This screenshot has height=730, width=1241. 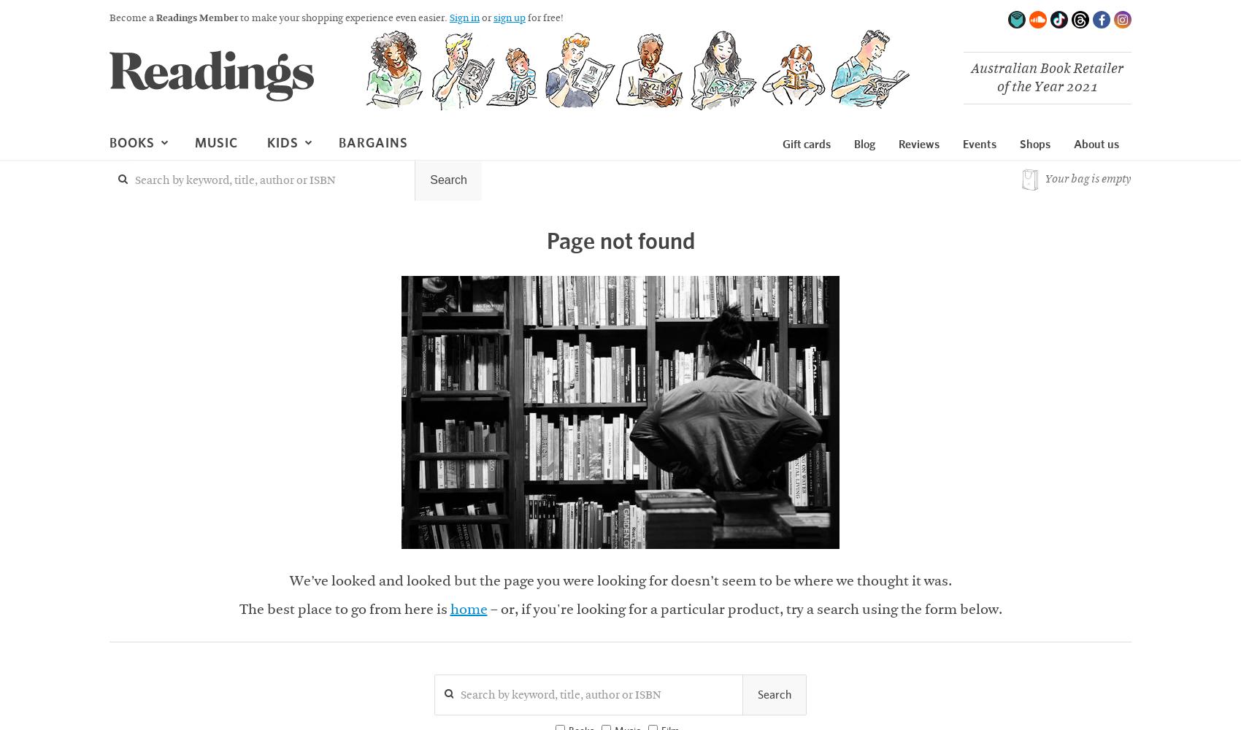 What do you see at coordinates (132, 18) in the screenshot?
I see `'Become a'` at bounding box center [132, 18].